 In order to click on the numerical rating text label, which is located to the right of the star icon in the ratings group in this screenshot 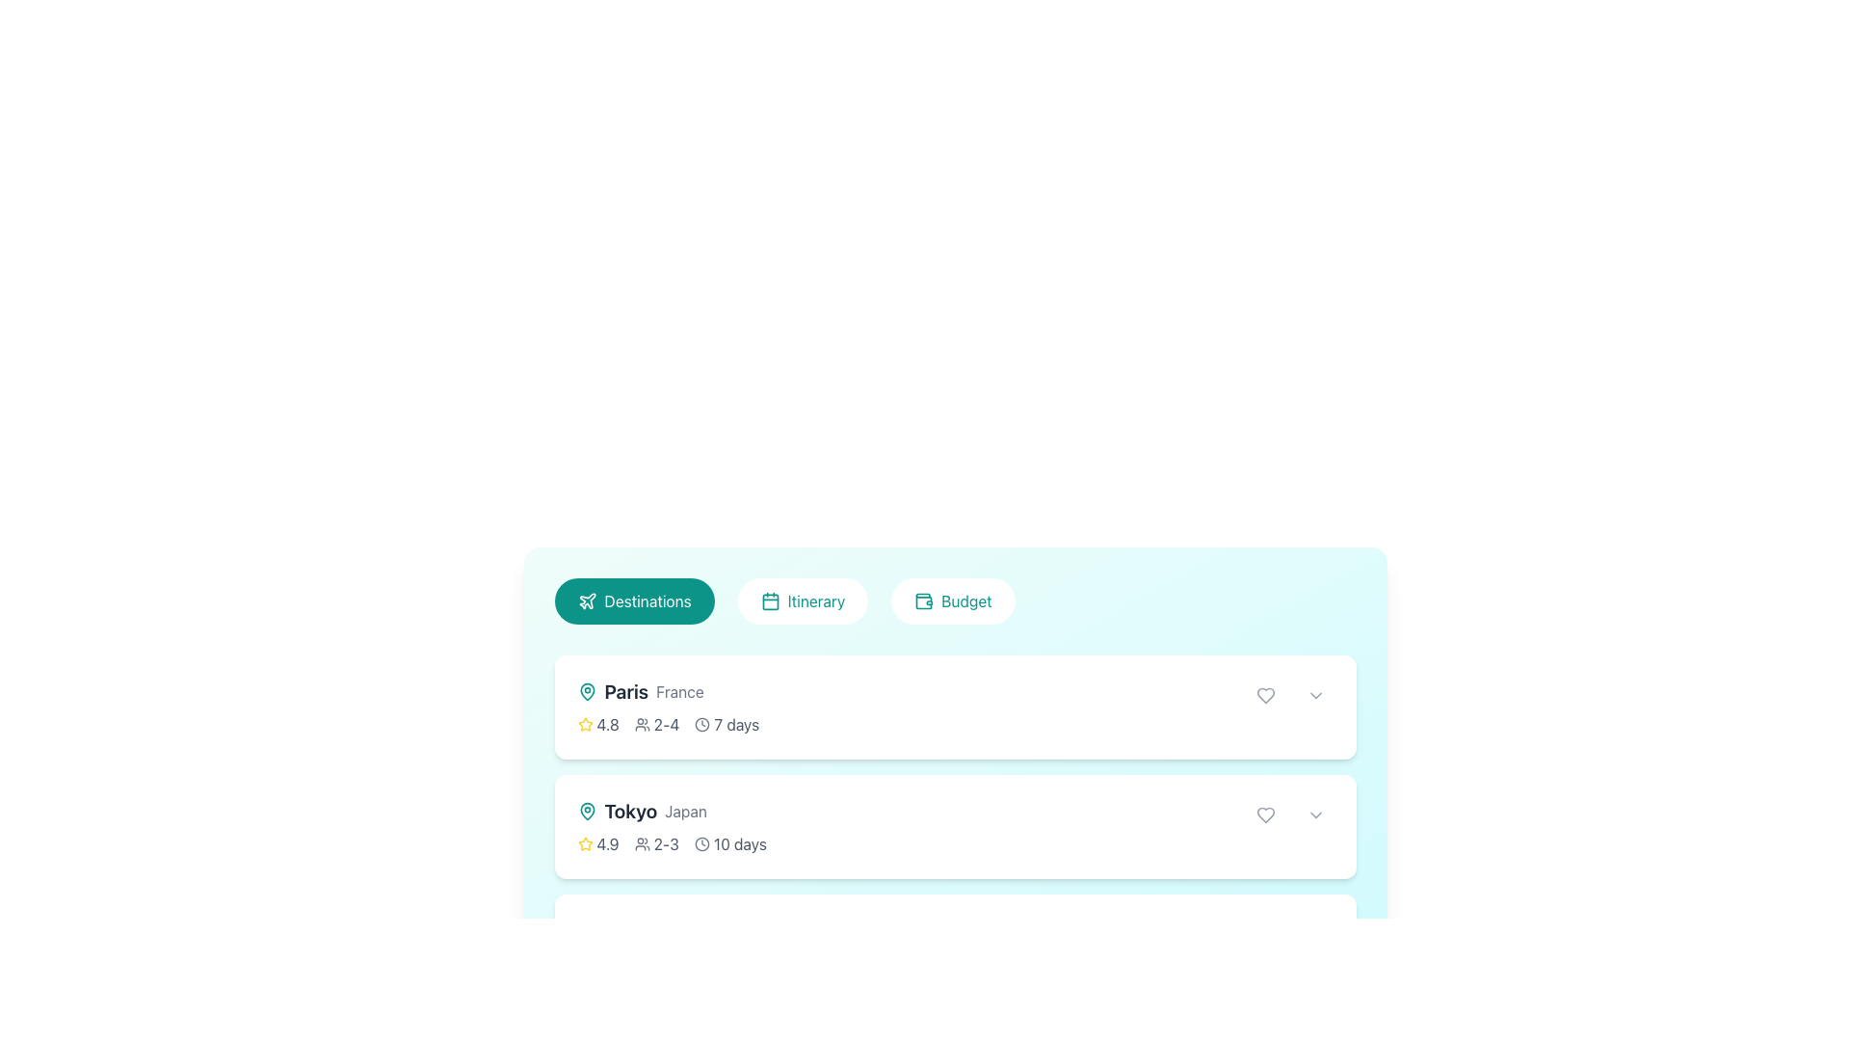, I will do `click(607, 842)`.